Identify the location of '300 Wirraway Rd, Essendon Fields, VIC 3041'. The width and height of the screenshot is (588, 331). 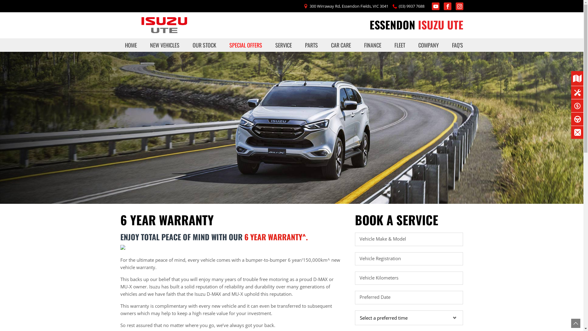
(349, 6).